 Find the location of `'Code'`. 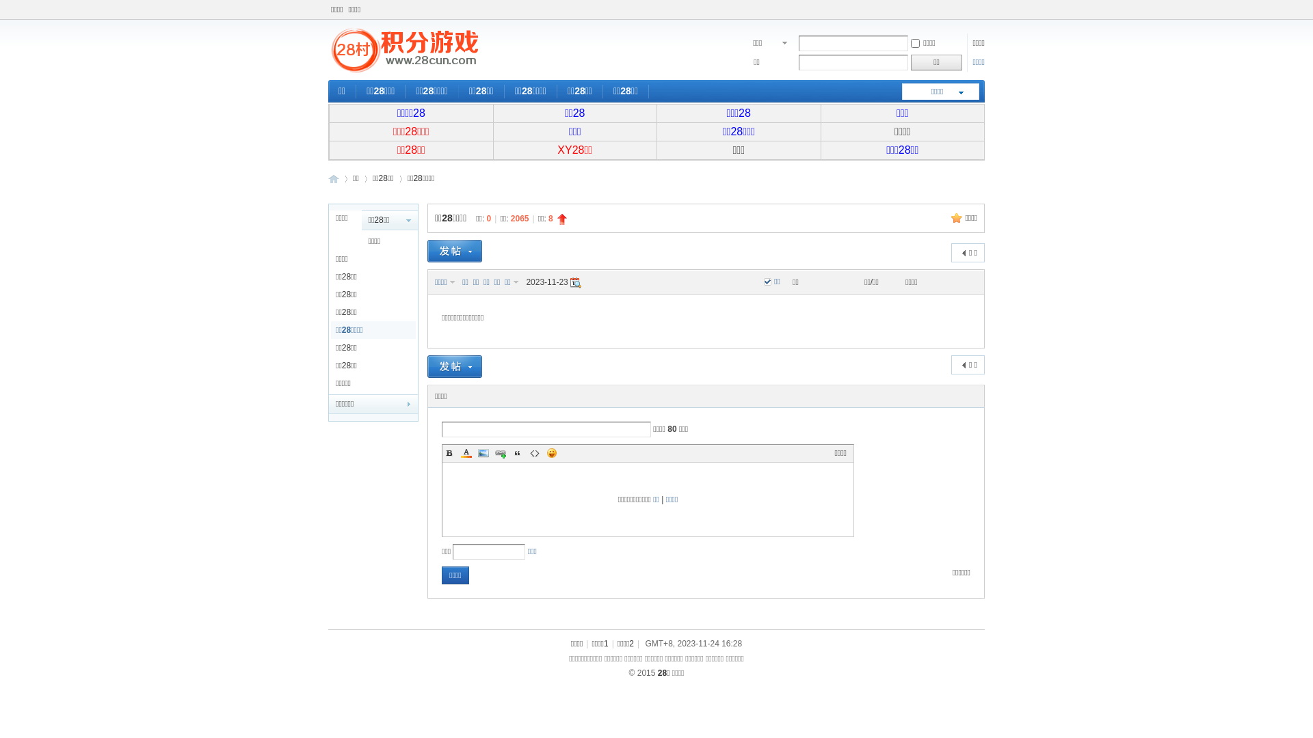

'Code' is located at coordinates (534, 453).